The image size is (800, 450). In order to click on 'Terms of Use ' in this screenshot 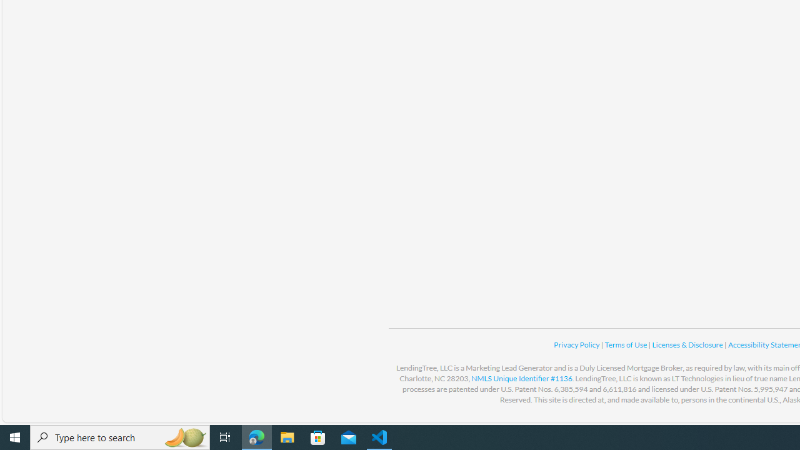, I will do `click(626, 344)`.